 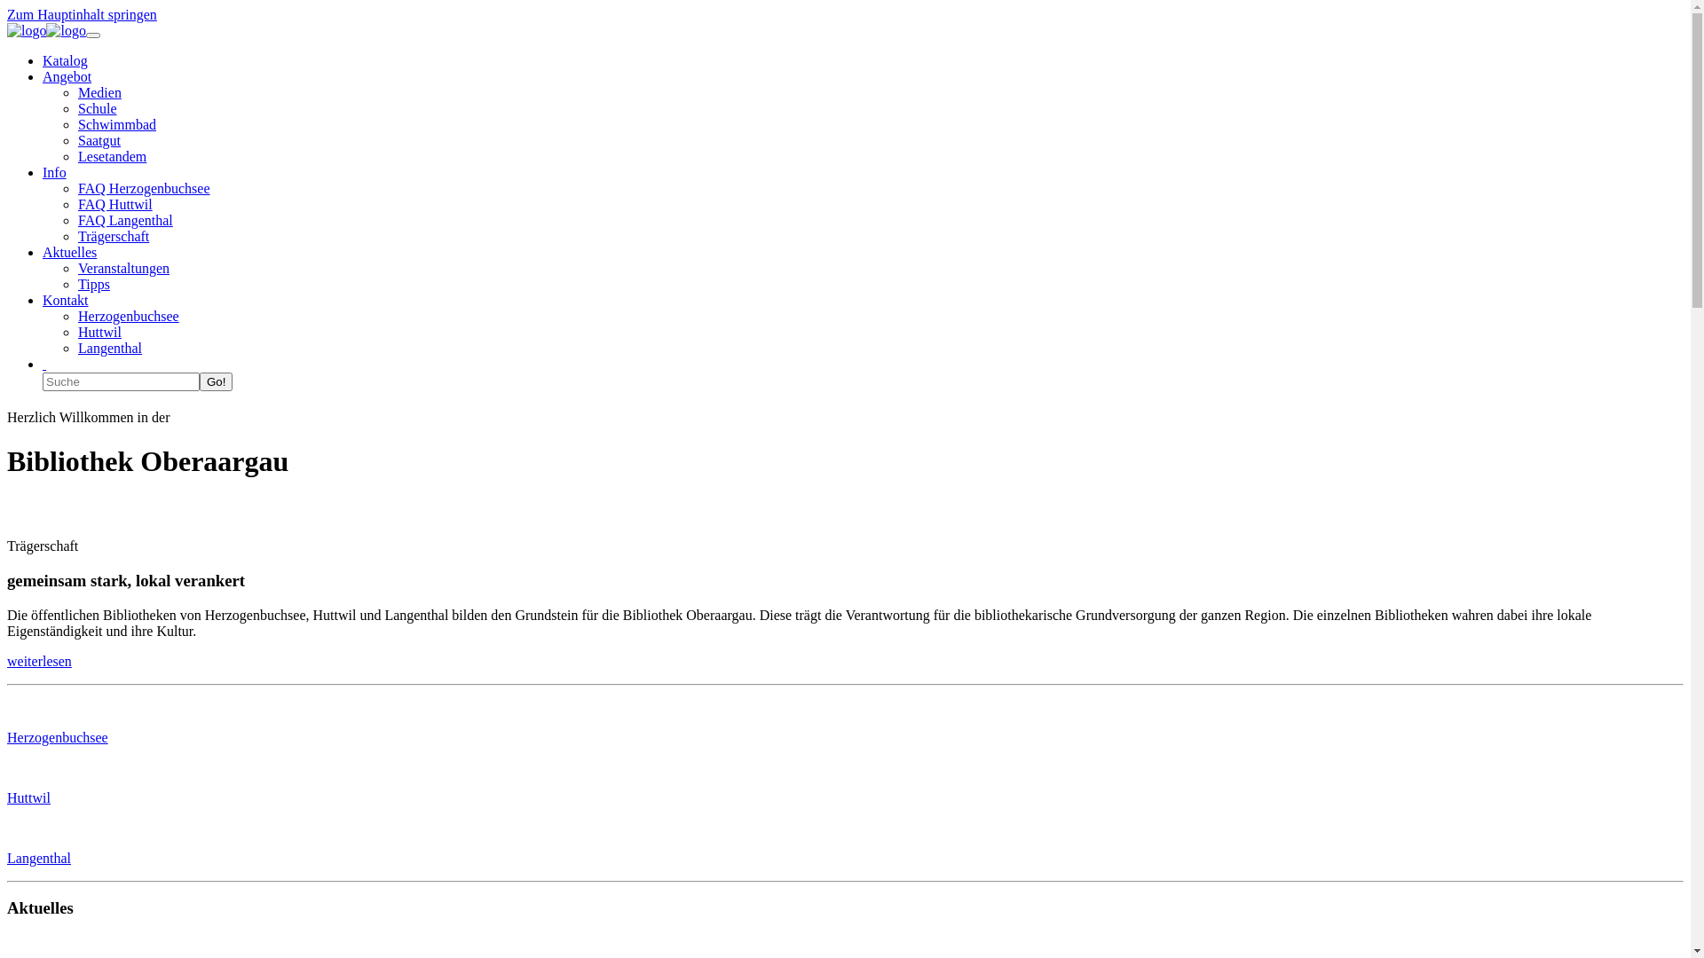 I want to click on 'Medien', so click(x=99, y=92).